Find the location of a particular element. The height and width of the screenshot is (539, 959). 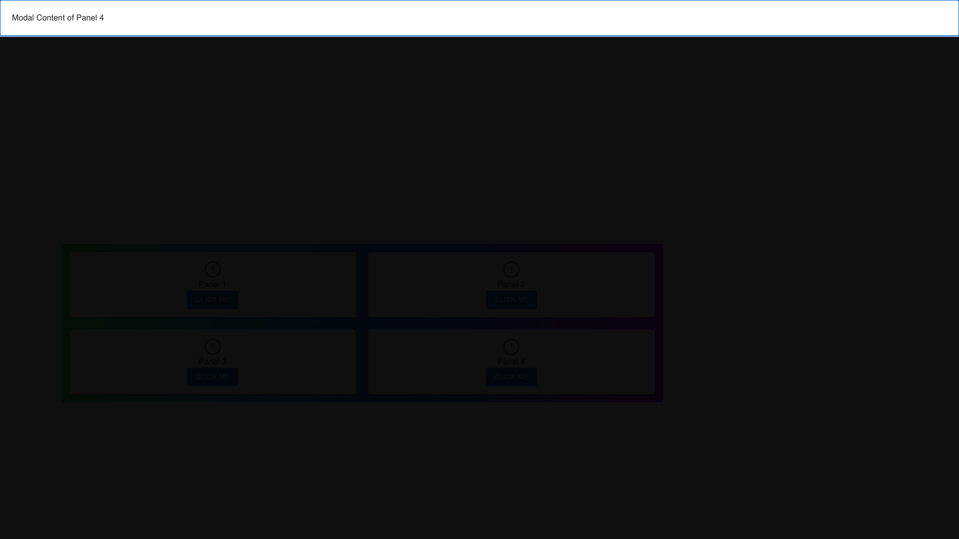

the visual alert indicator located at the top-center of 'Panel 3', which signals status or information is located at coordinates (212, 346).